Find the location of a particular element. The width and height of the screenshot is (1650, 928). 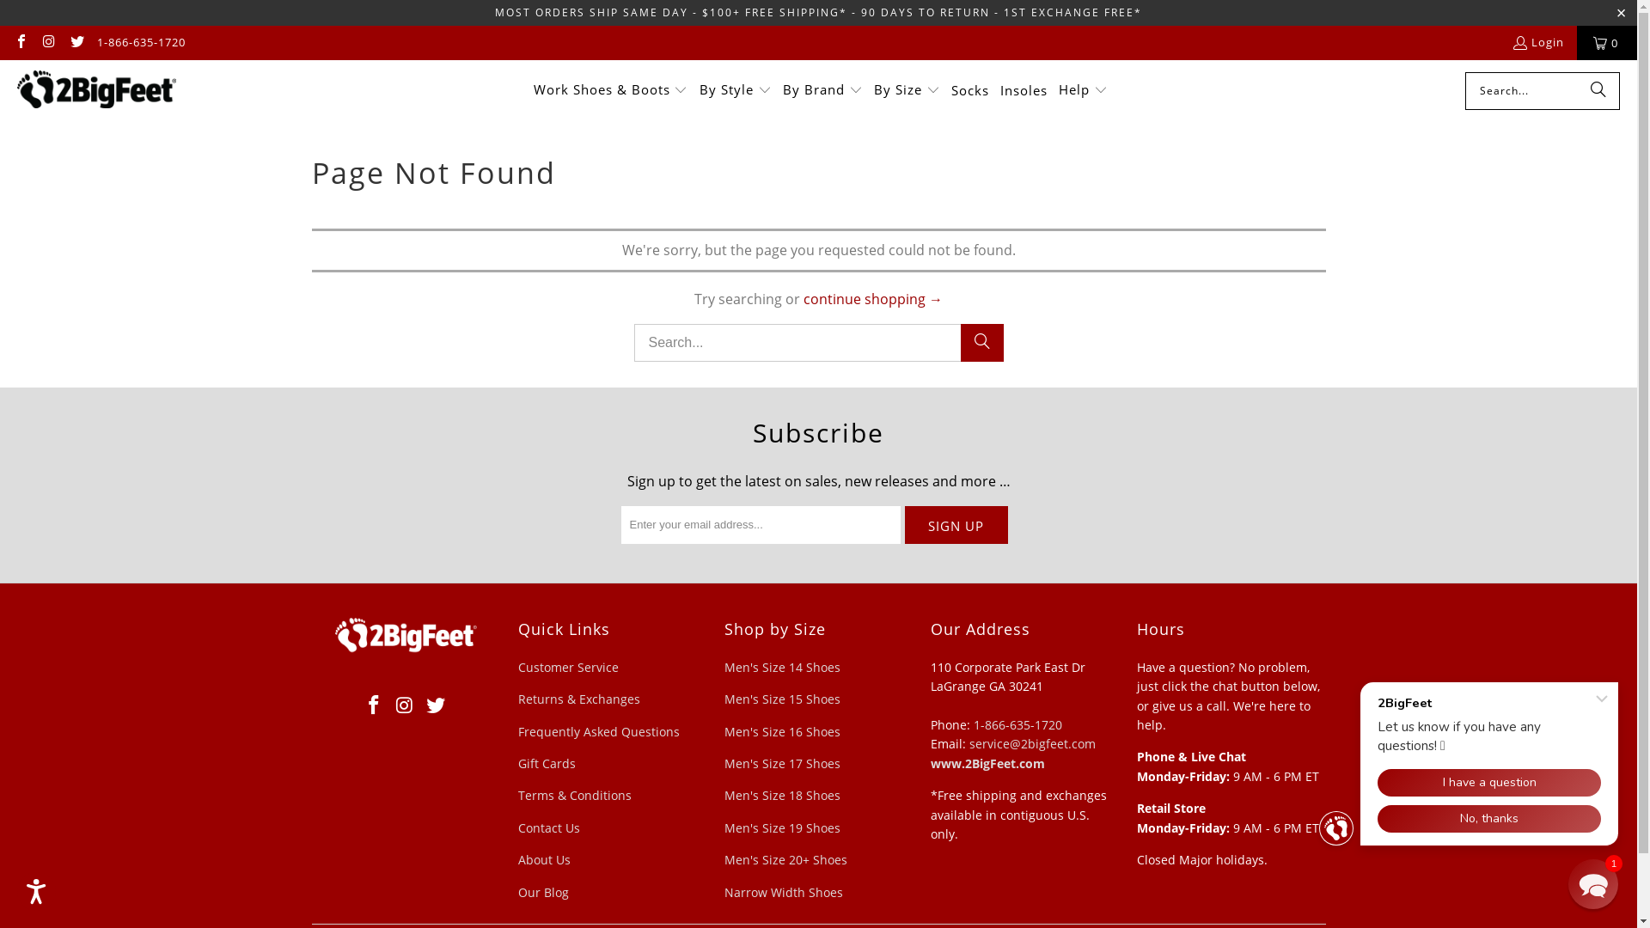

'Re:amaze Chat' is located at coordinates (1471, 759).